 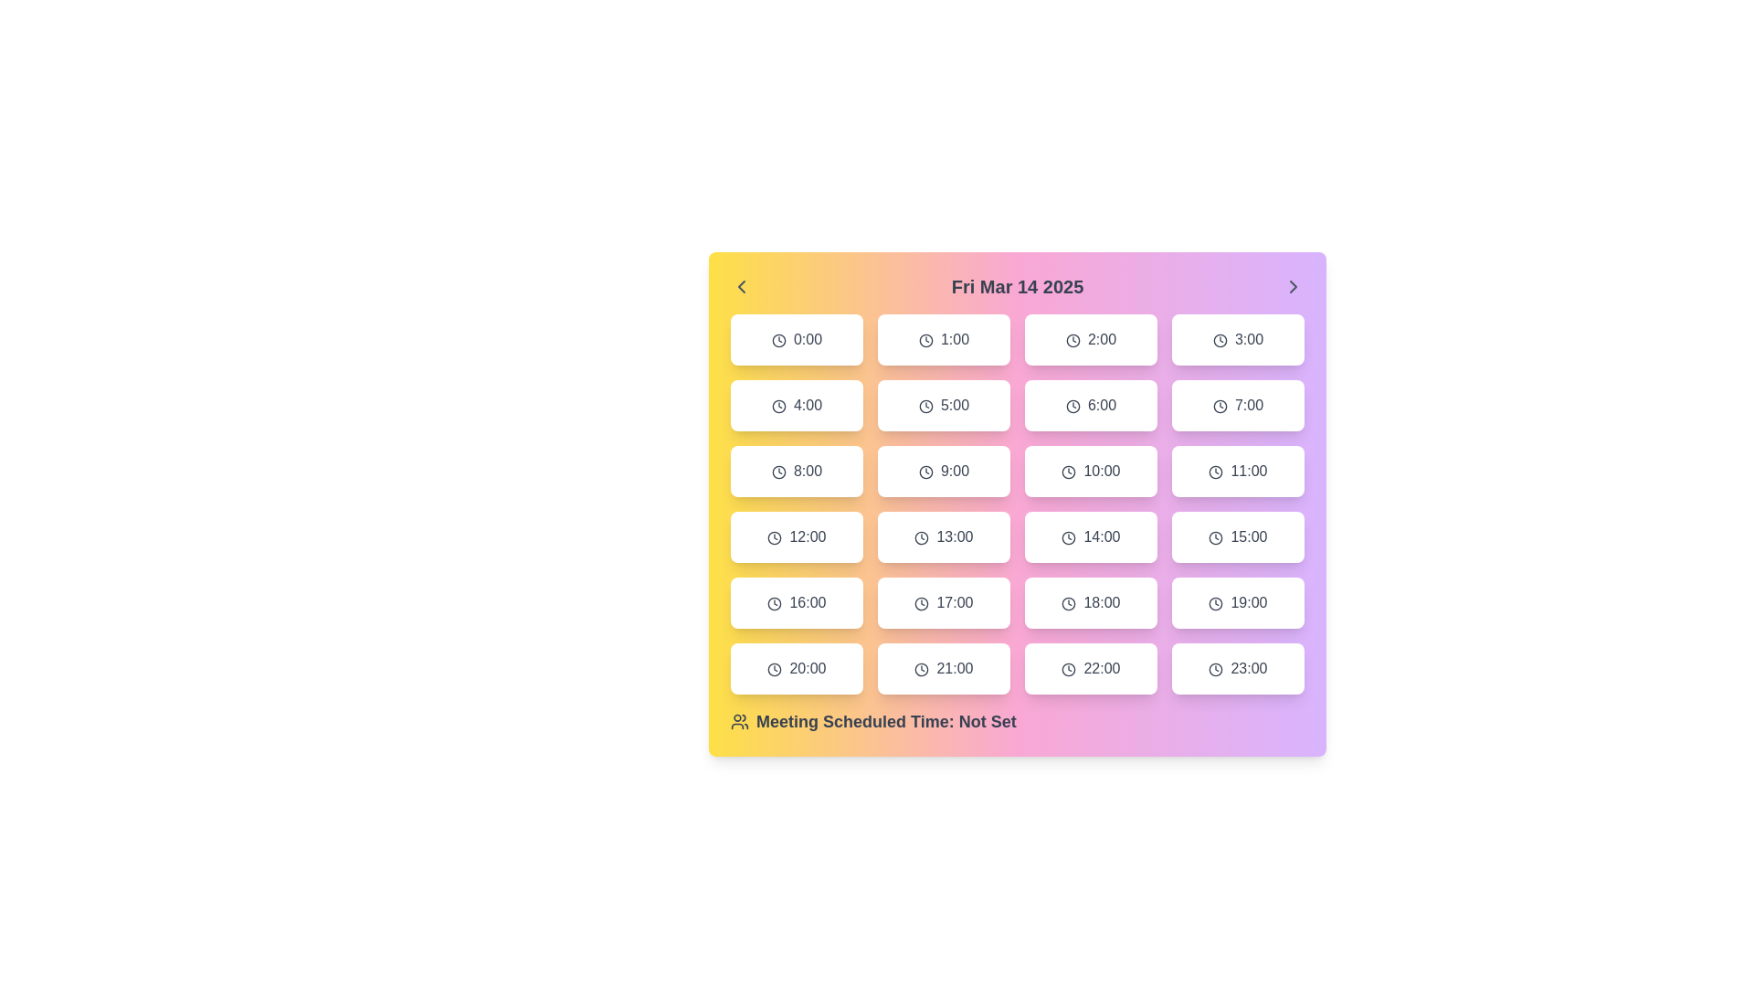 What do you see at coordinates (778, 405) in the screenshot?
I see `the clock icon which is a minimalistic design with a circular outline and clock hands, located next to the text '4:00' on a button in the second row and first column of the schedule grid` at bounding box center [778, 405].